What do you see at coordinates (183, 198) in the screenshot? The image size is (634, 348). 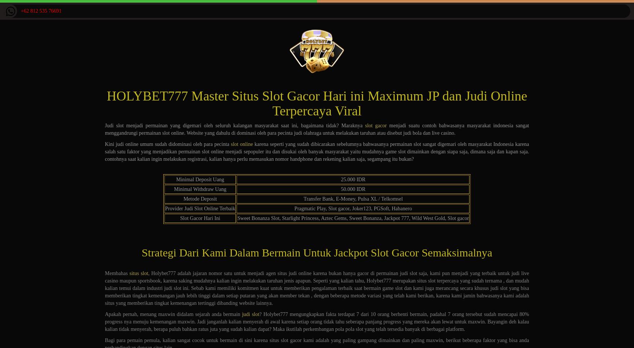 I see `'Metode Deposit'` at bounding box center [183, 198].